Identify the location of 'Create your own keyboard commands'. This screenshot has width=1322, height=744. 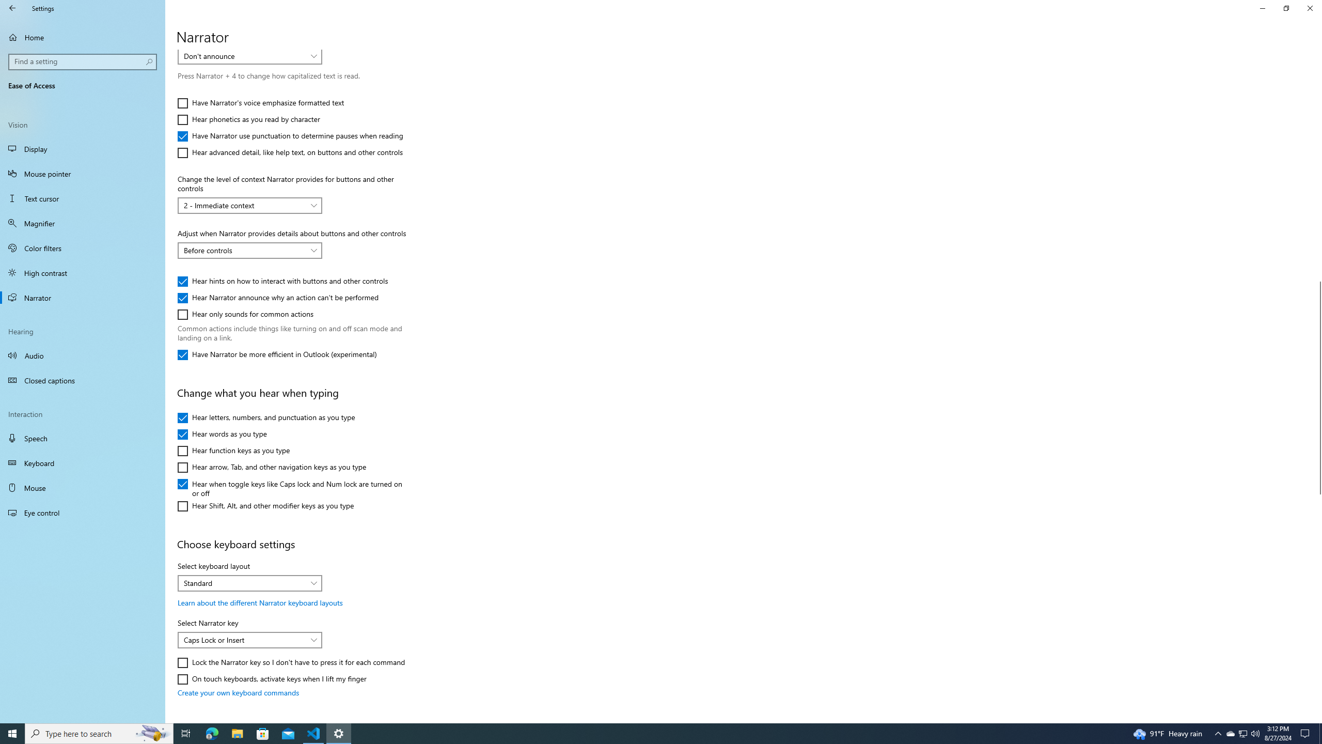
(238, 692).